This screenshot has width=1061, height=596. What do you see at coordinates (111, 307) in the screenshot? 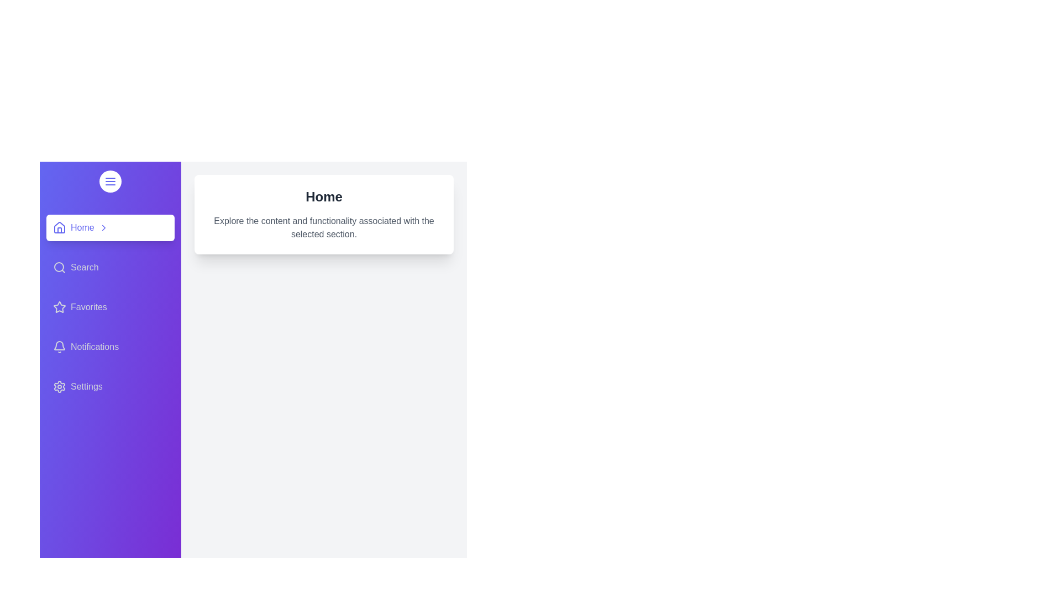
I see `the section labeled Favorites by clicking on its label in the sidebar` at bounding box center [111, 307].